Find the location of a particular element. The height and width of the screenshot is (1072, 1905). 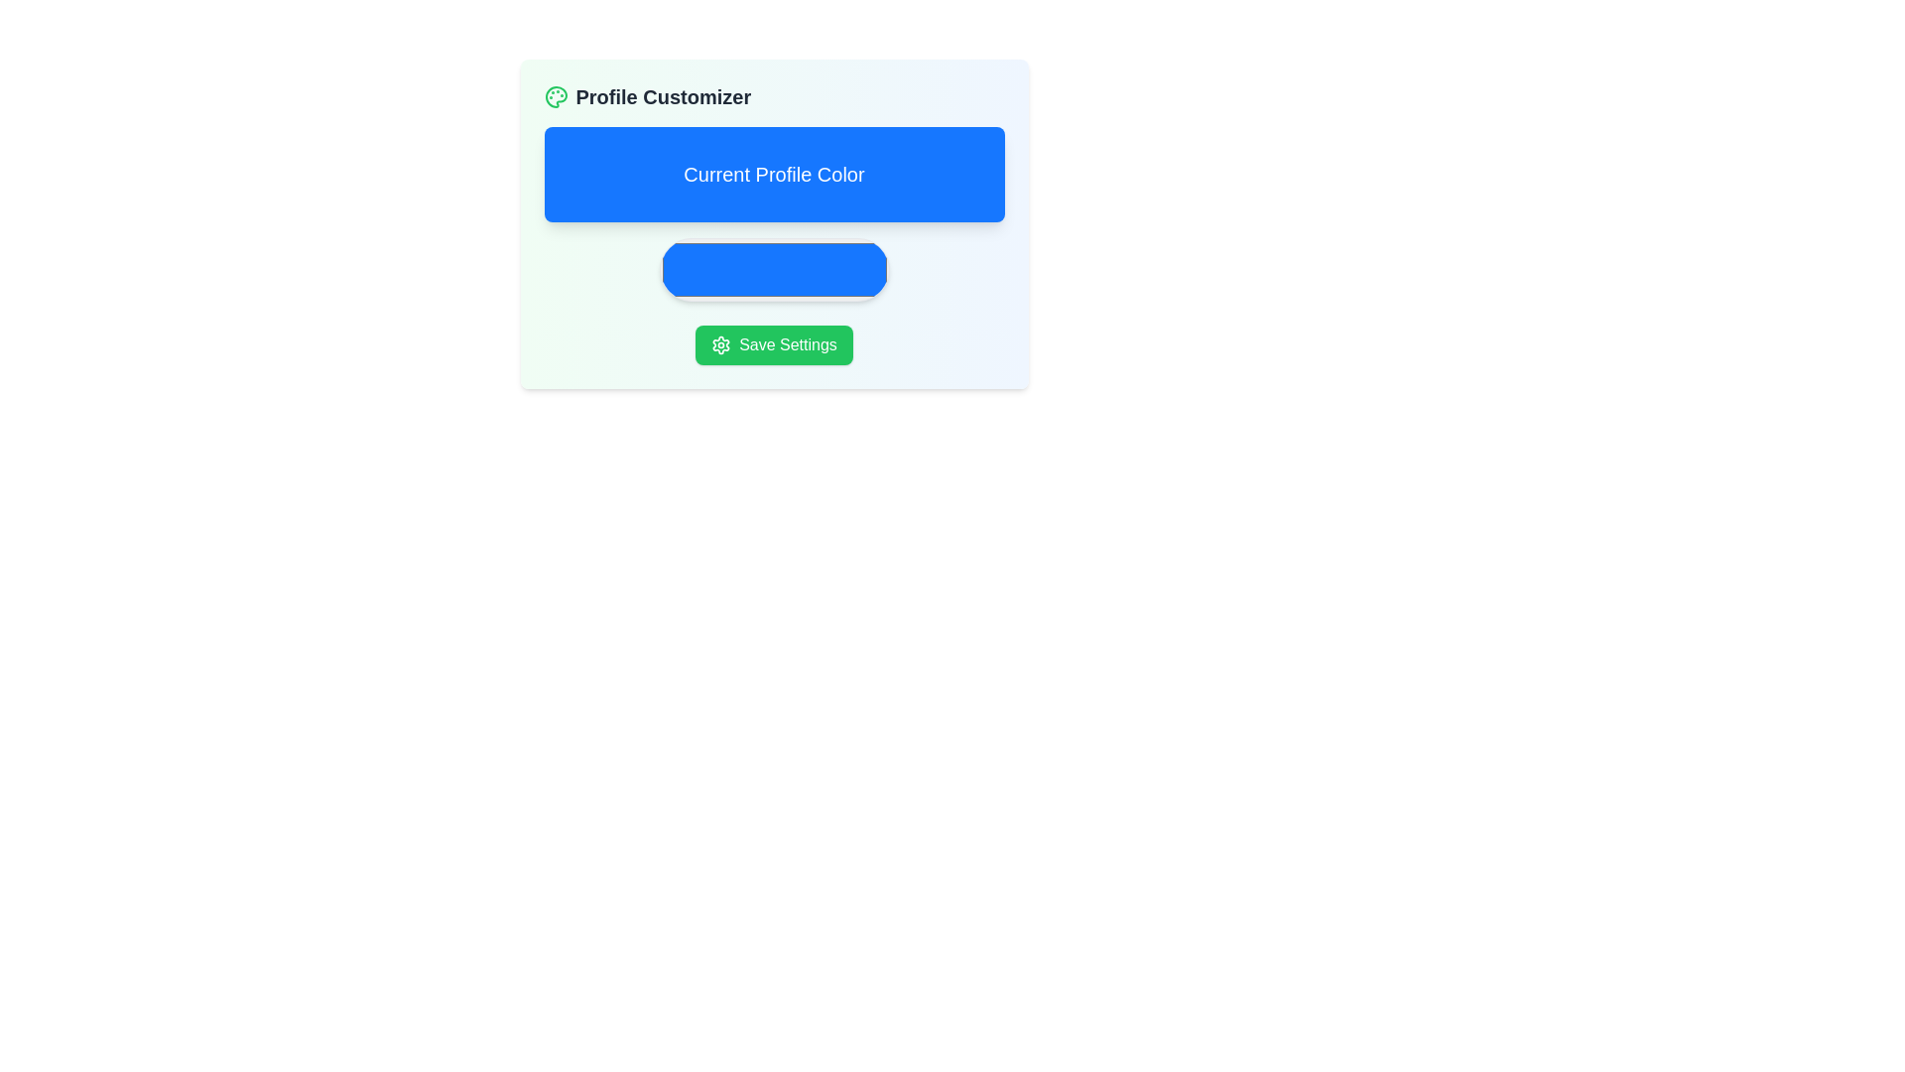

the Color Picker, which is a horizontally rectangular component with rounded edges filled with bright blue is located at coordinates (773, 270).